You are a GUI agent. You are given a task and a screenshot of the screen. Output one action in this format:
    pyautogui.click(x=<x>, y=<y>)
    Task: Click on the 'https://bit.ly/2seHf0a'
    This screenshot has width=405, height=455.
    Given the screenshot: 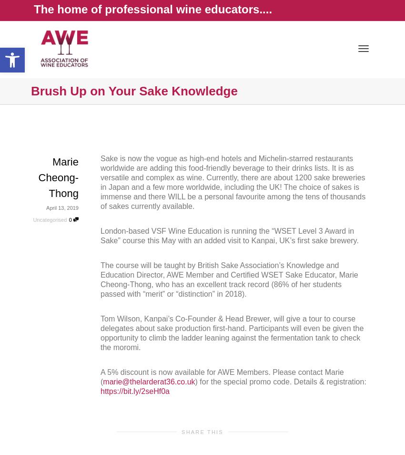 What is the action you would take?
    pyautogui.click(x=134, y=391)
    